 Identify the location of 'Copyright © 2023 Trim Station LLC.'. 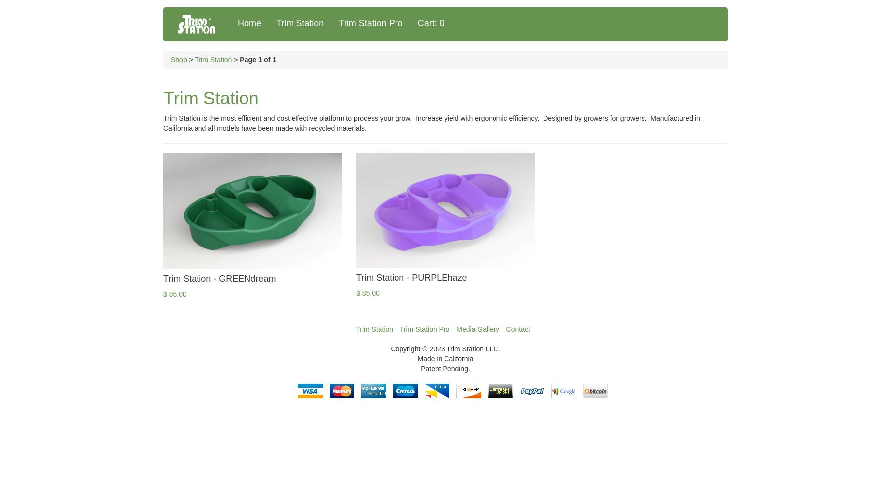
(445, 348).